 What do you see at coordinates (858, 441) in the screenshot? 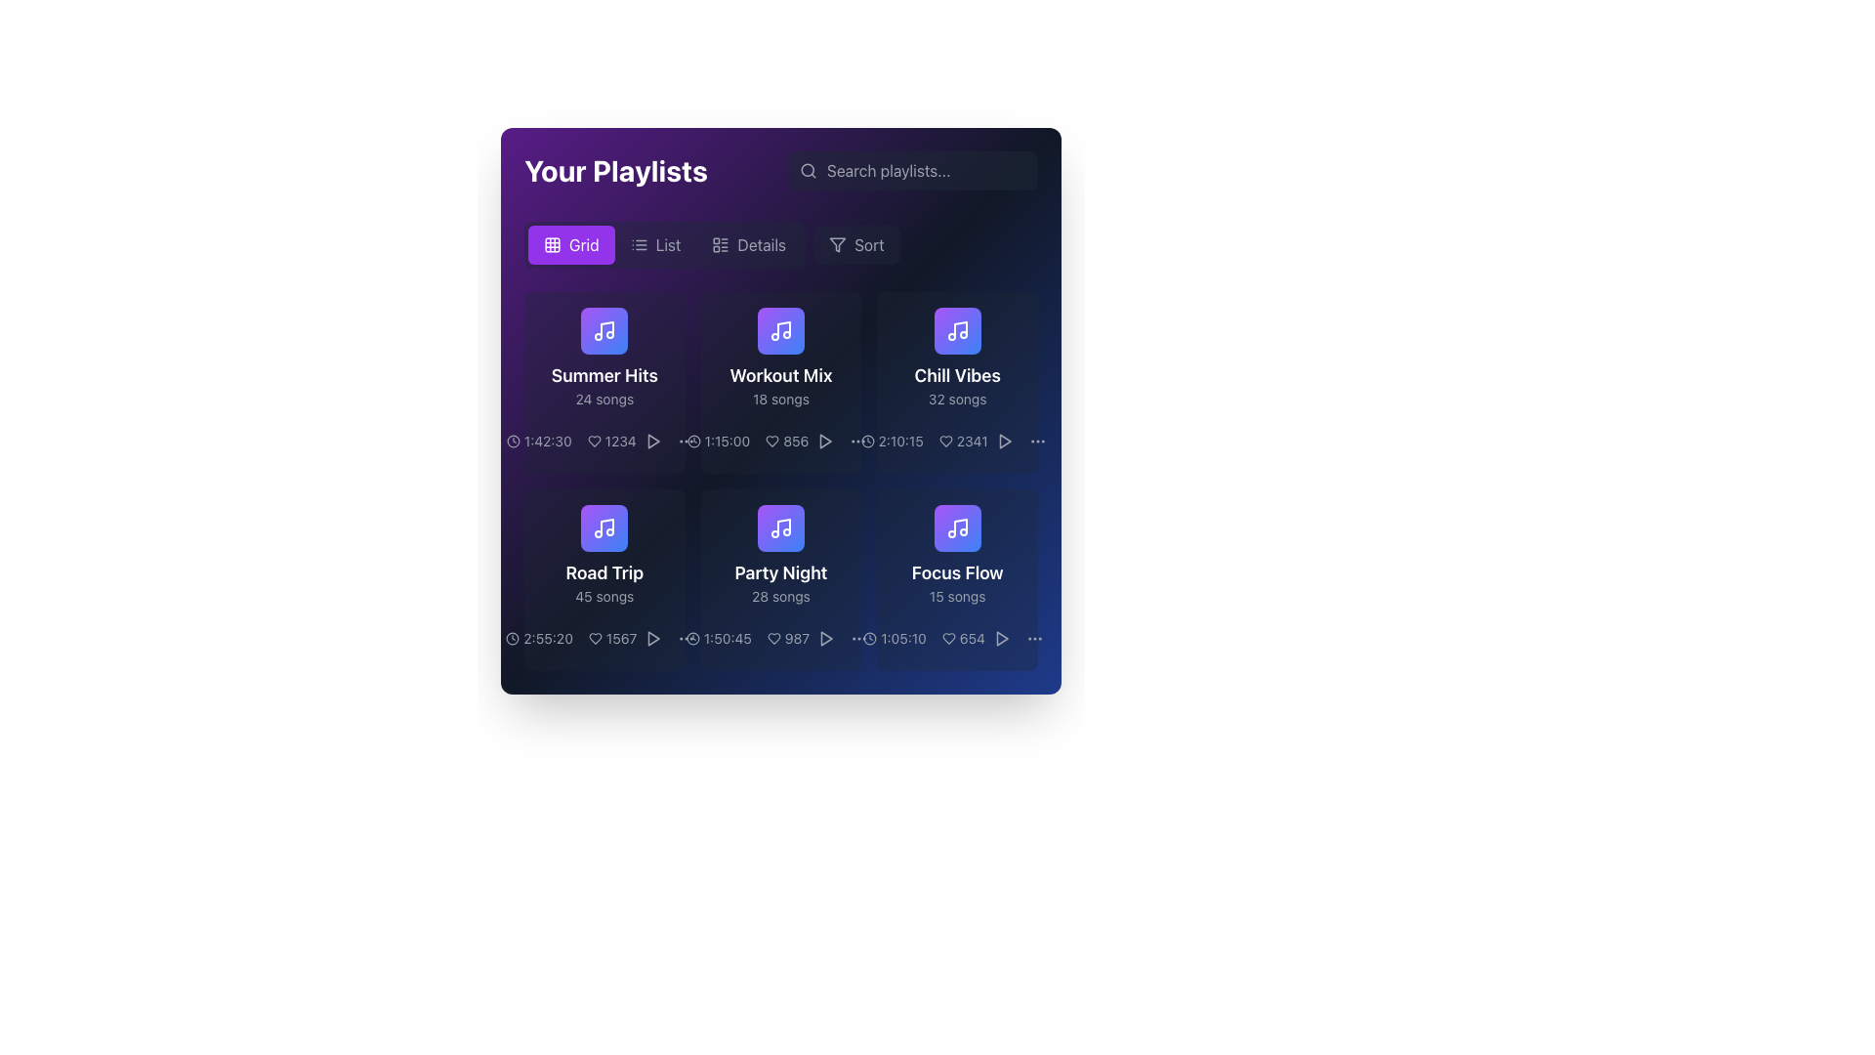
I see `the Icon button located at the bottom right corner of the 'Chill Vibes' playlist card` at bounding box center [858, 441].